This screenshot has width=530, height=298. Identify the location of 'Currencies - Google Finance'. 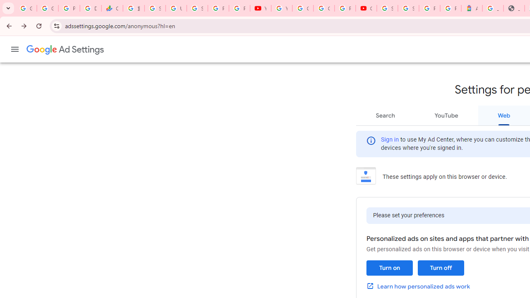
(111, 8).